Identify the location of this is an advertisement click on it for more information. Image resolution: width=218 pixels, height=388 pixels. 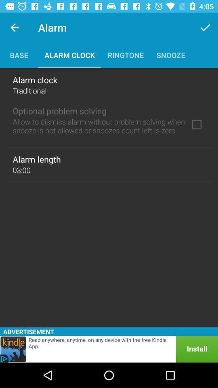
(109, 349).